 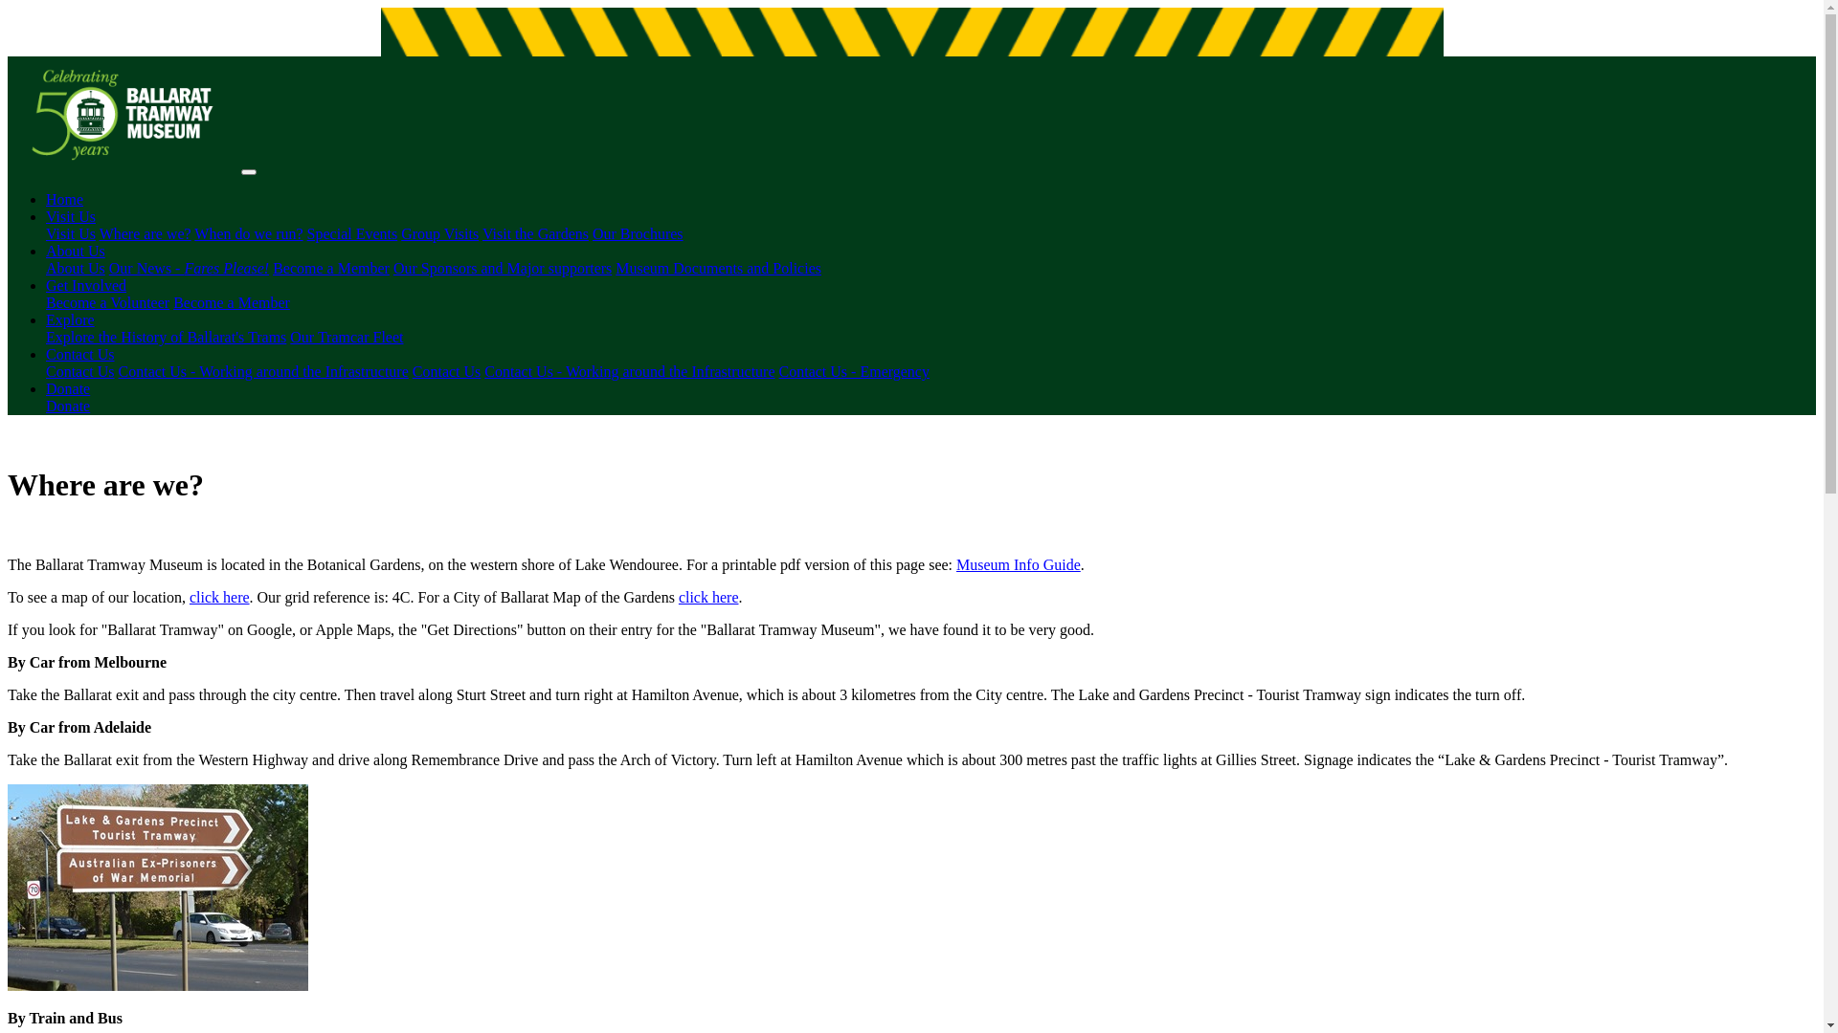 I want to click on 'Get Involved', so click(x=85, y=285).